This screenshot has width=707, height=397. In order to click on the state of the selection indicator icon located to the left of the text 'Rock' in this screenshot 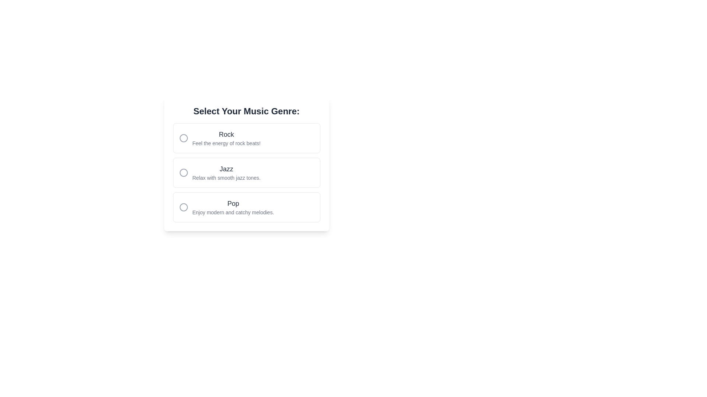, I will do `click(183, 138)`.